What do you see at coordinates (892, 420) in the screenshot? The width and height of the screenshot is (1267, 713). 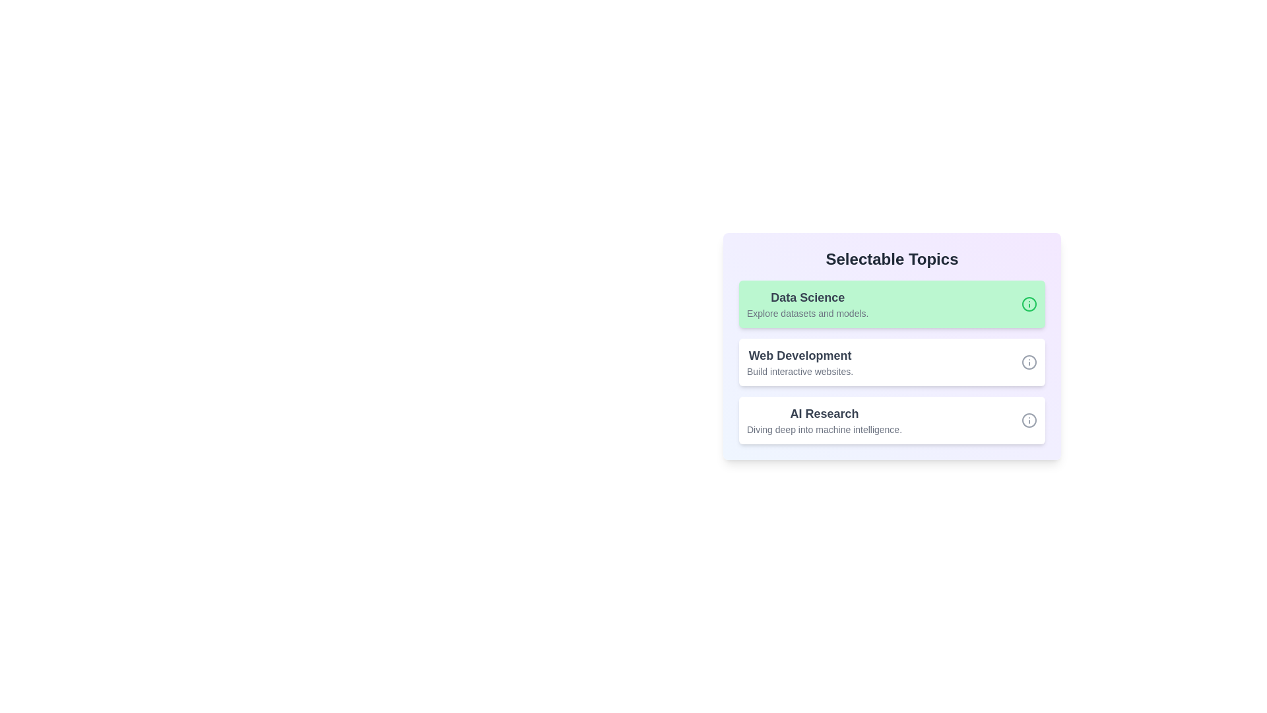 I see `the topic AI Research by clicking on it` at bounding box center [892, 420].